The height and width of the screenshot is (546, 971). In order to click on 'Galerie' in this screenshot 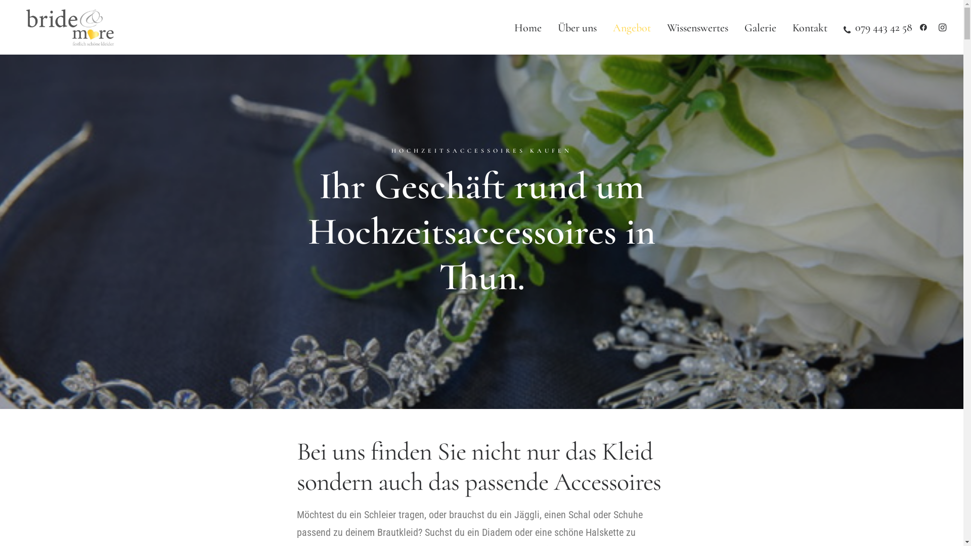, I will do `click(760, 27)`.